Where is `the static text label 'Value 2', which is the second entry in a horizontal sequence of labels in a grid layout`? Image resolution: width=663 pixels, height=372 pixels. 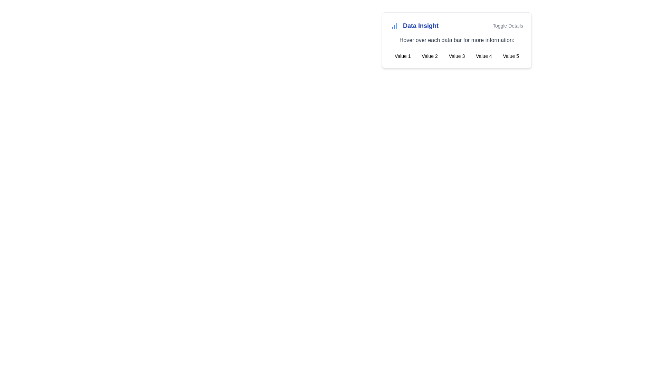
the static text label 'Value 2', which is the second entry in a horizontal sequence of labels in a grid layout is located at coordinates (429, 54).